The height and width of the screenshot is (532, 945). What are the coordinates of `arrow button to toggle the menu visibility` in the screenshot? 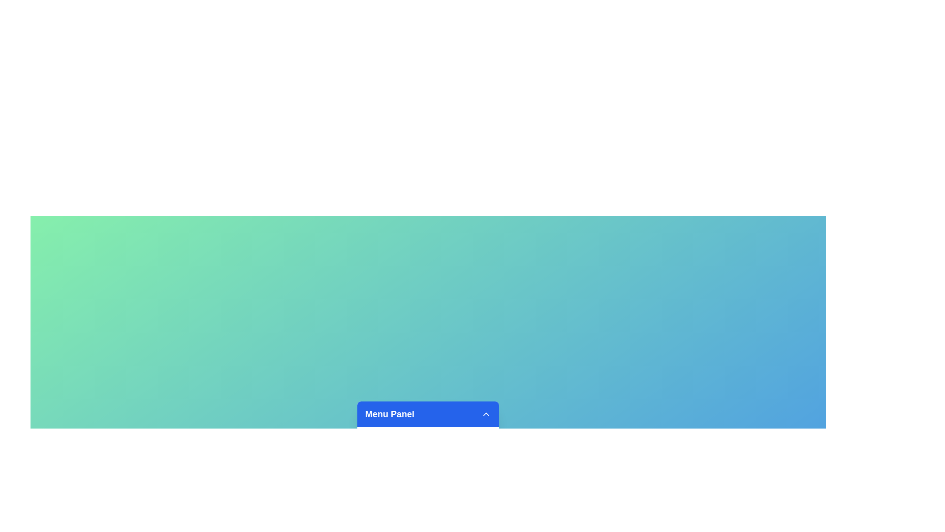 It's located at (486, 414).